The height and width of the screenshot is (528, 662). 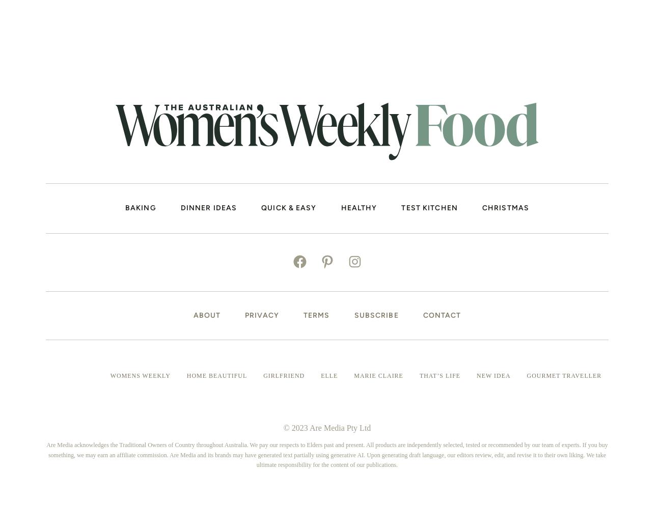 What do you see at coordinates (326, 454) in the screenshot?
I see `'Are Media acknowledges the Traditional Owners of Country throughout Australia. We pay our respects to Elders past and present. All products are independently selected, tested or recommended by our team of experts. If you buy something, we may earn an affiliate commission. Are Media and its brands may have generated text partially using generative AI. Upon generating draft language, our editors review, edit, and revise it to their own liking. We take ultimate responsibility for the content of our publications.'` at bounding box center [326, 454].